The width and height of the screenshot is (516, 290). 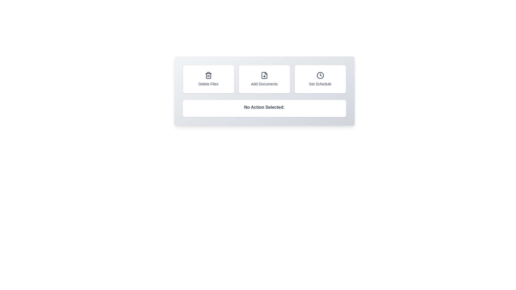 What do you see at coordinates (208, 79) in the screenshot?
I see `the delete button located at the top-center of the interface, which is the first item in a row of three options` at bounding box center [208, 79].